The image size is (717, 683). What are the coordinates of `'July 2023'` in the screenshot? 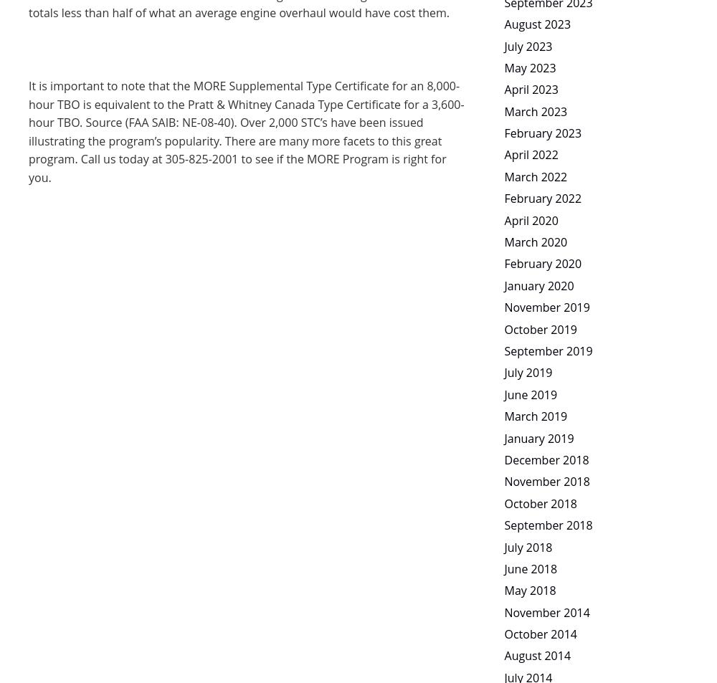 It's located at (527, 45).